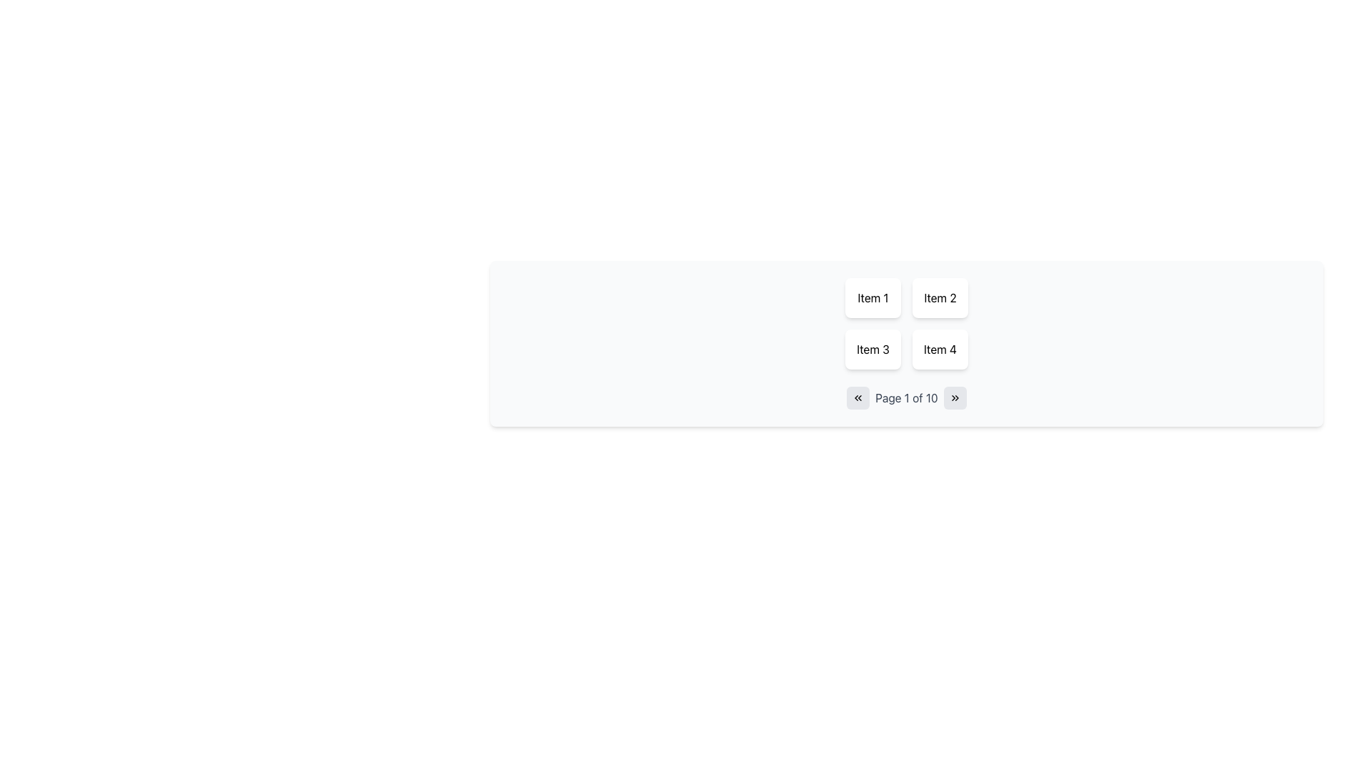  Describe the element at coordinates (940, 297) in the screenshot. I see `the 'Item 2' Text button, which is a rectangular button with a white background and bold black text, located in the second column of the first row in a grid layout` at that location.